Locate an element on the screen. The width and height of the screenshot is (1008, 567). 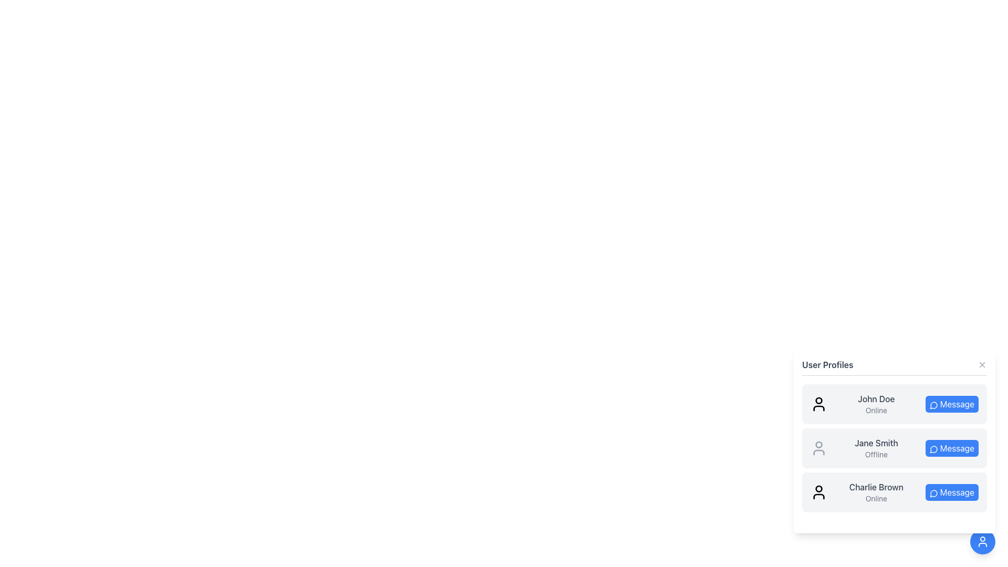
the text label displaying 'Offline', which is styled with a smaller text size and light gray color, located below the 'Jane Smith' name label in the user profiles list is located at coordinates (876, 454).